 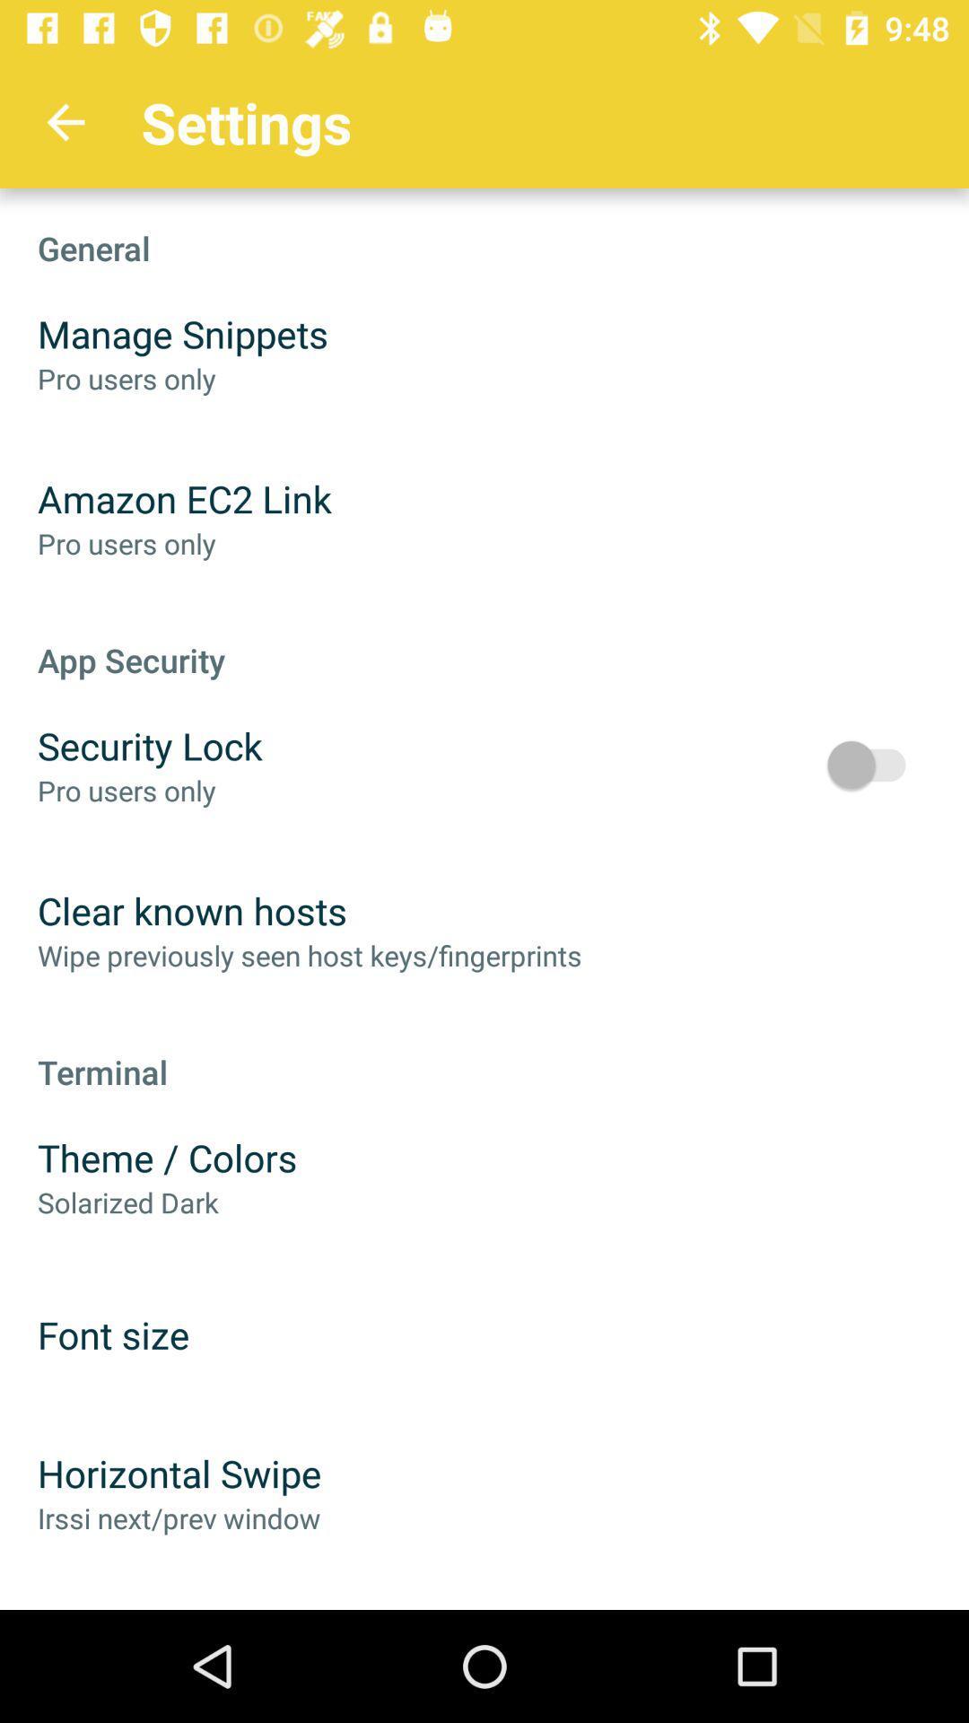 What do you see at coordinates (149, 745) in the screenshot?
I see `item above the pro users only icon` at bounding box center [149, 745].